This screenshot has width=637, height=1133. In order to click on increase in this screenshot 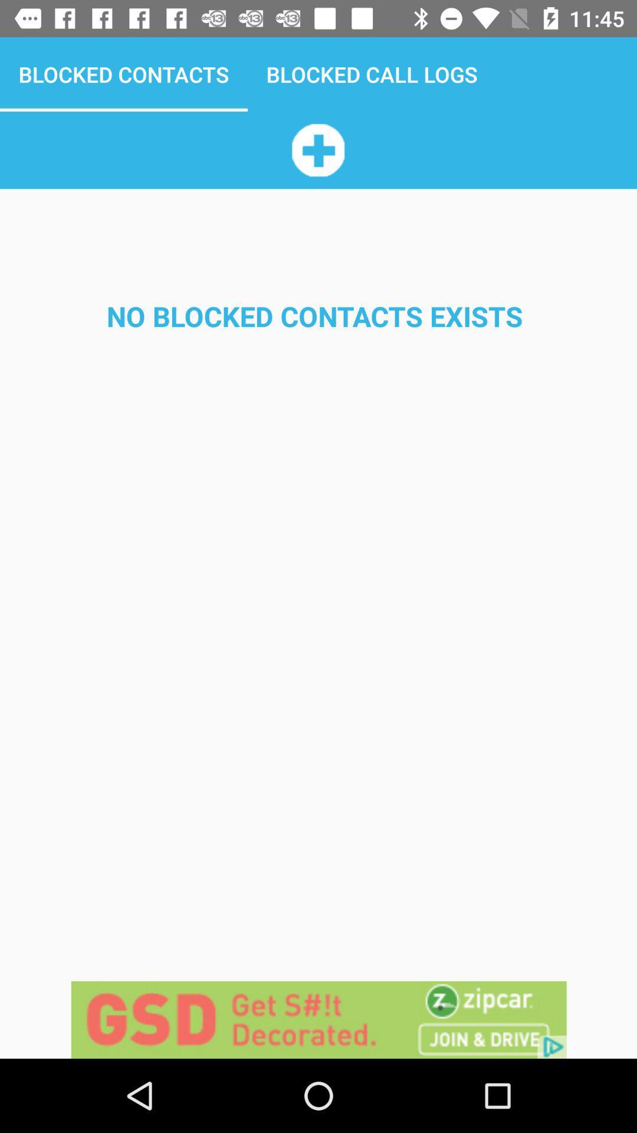, I will do `click(317, 149)`.